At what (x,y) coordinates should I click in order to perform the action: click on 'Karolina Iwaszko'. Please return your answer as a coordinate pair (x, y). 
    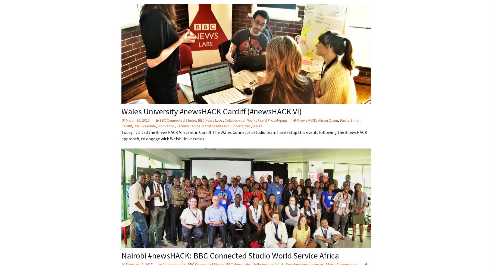
    Looking at the image, I should click on (202, 125).